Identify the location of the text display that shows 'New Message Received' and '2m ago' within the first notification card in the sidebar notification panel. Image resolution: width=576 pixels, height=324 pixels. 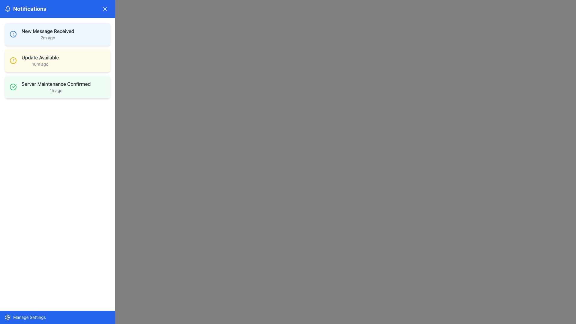
(47, 34).